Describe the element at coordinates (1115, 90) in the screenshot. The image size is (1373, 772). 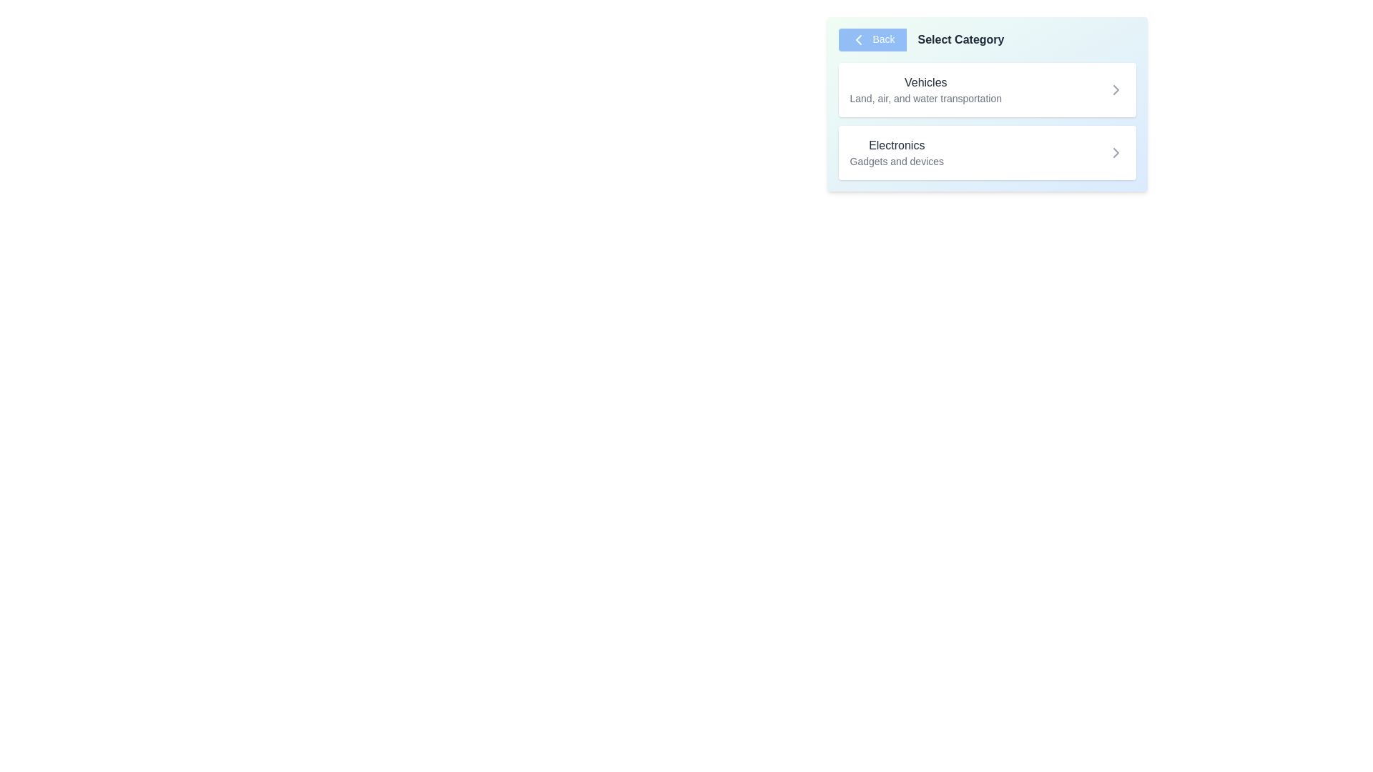
I see `the right-pointing chevron icon located at the far-right side of the 'Vehicles' card, specifically to the right of the subtitle 'Land, air, and water transportation', for visual feedback` at that location.